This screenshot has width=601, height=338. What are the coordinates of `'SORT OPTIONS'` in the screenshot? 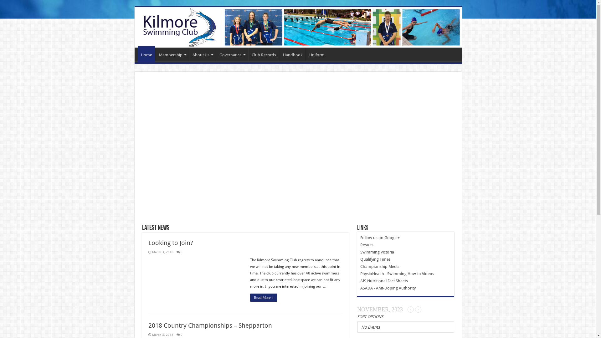 It's located at (370, 316).